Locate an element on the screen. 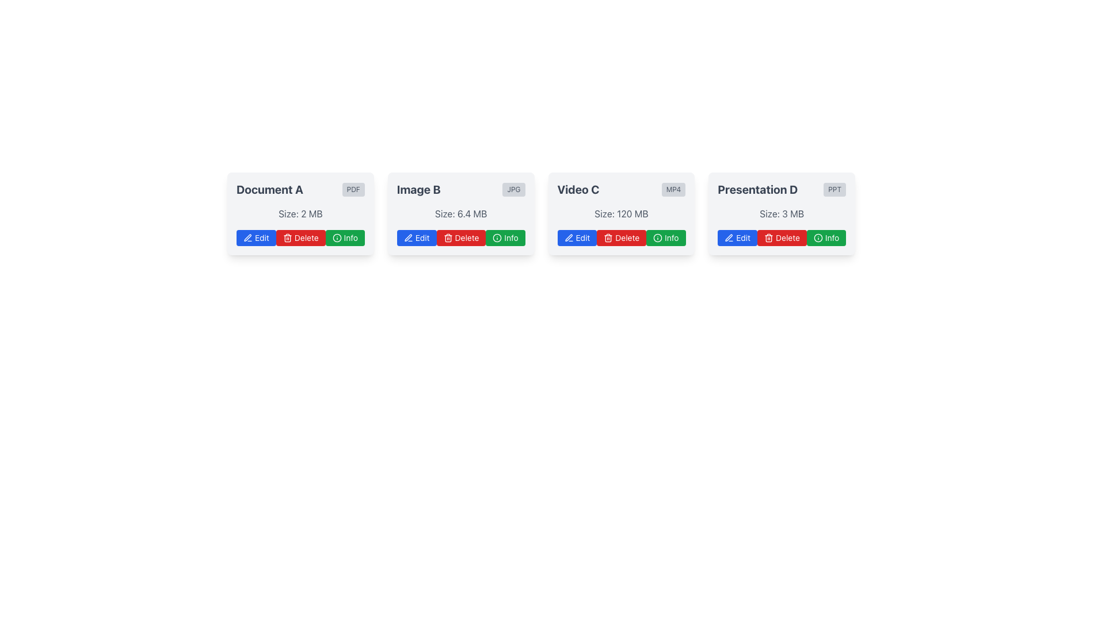  the rectangular red button labeled 'Delete' is located at coordinates (621, 237).